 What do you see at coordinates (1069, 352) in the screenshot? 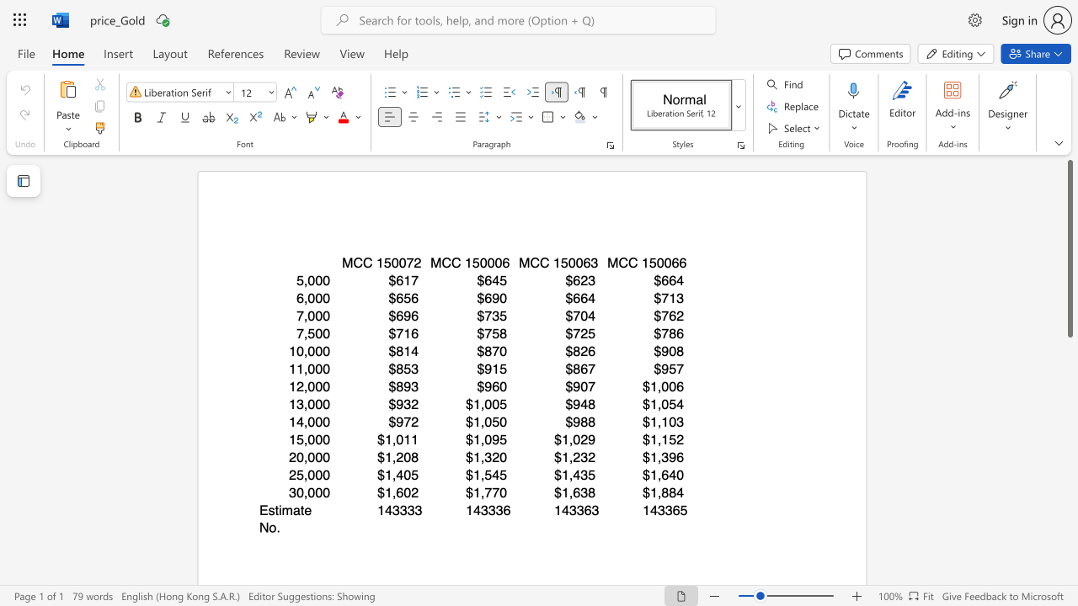
I see `the vertical scrollbar to lower the page content` at bounding box center [1069, 352].